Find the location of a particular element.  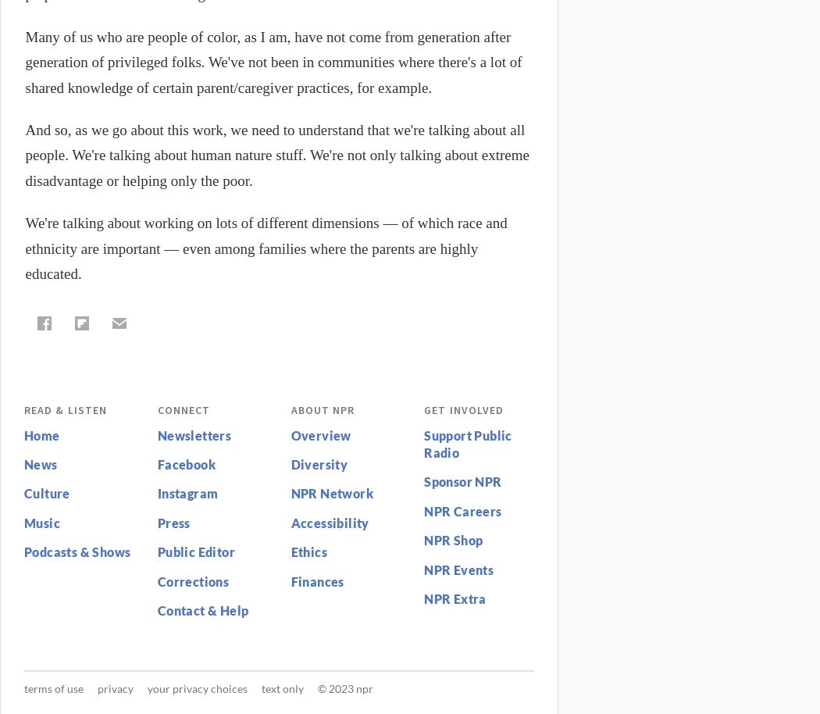

'About NPR' is located at coordinates (322, 408).